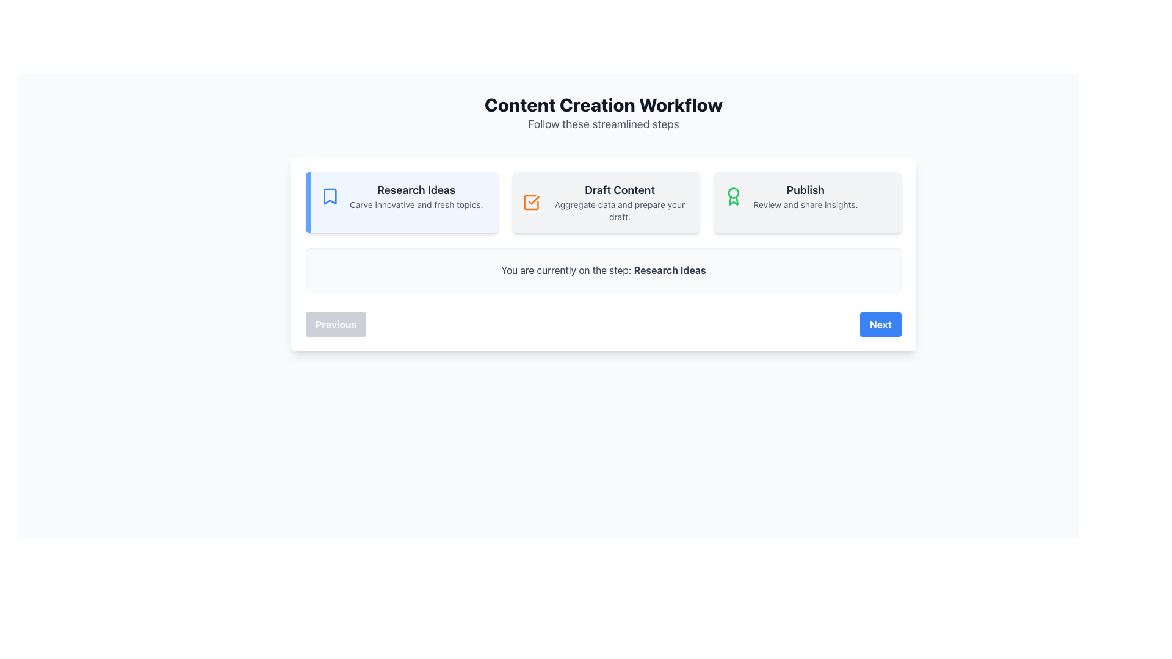 The height and width of the screenshot is (659, 1172). I want to click on the small green circular icon that is centrally located within the award-styled SVG icon, so click(733, 192).